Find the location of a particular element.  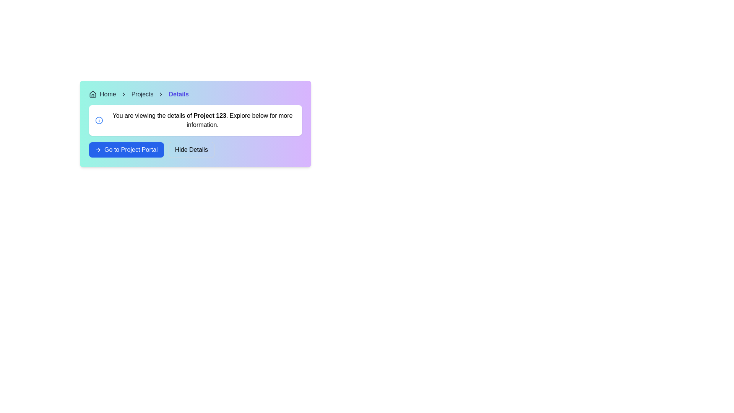

the 'Home' label in the breadcrumb navigation, which is positioned immediately to the right of the house icon is located at coordinates (107, 94).